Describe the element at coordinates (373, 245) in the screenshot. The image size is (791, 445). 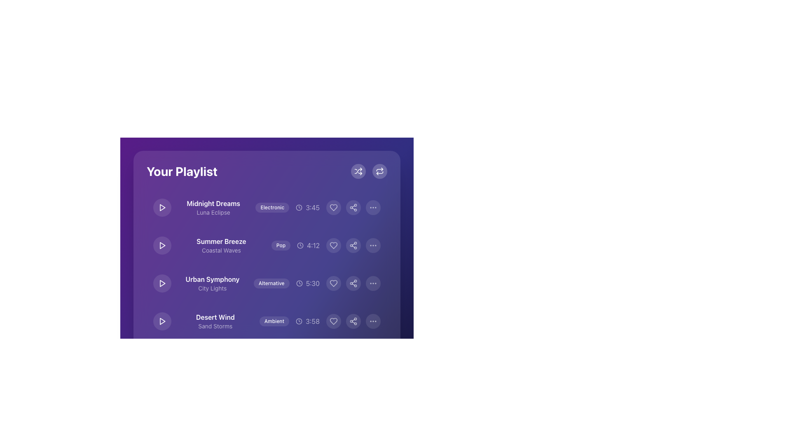
I see `the circular options menu button for the playlist item 'Summer Breeze'` at that location.